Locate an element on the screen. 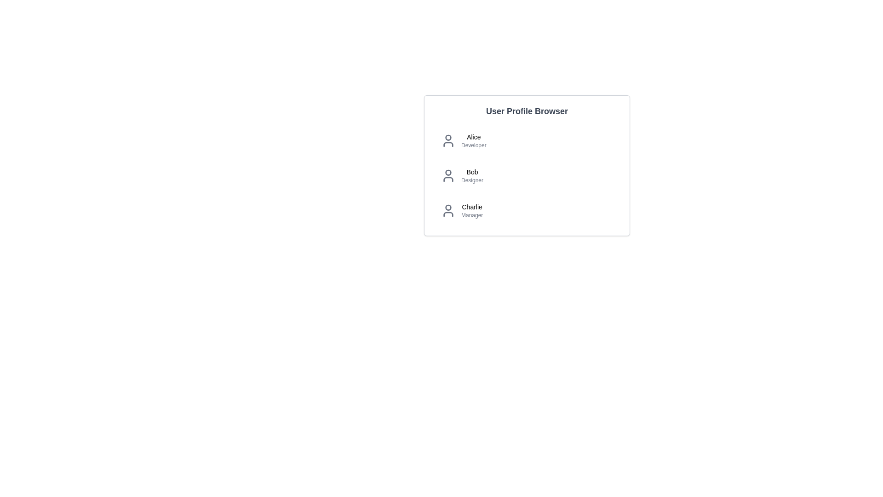  the circle representing the head in the user profile icon for 'Bob - Designer', which is the second user icon in the vertical list is located at coordinates (448, 172).